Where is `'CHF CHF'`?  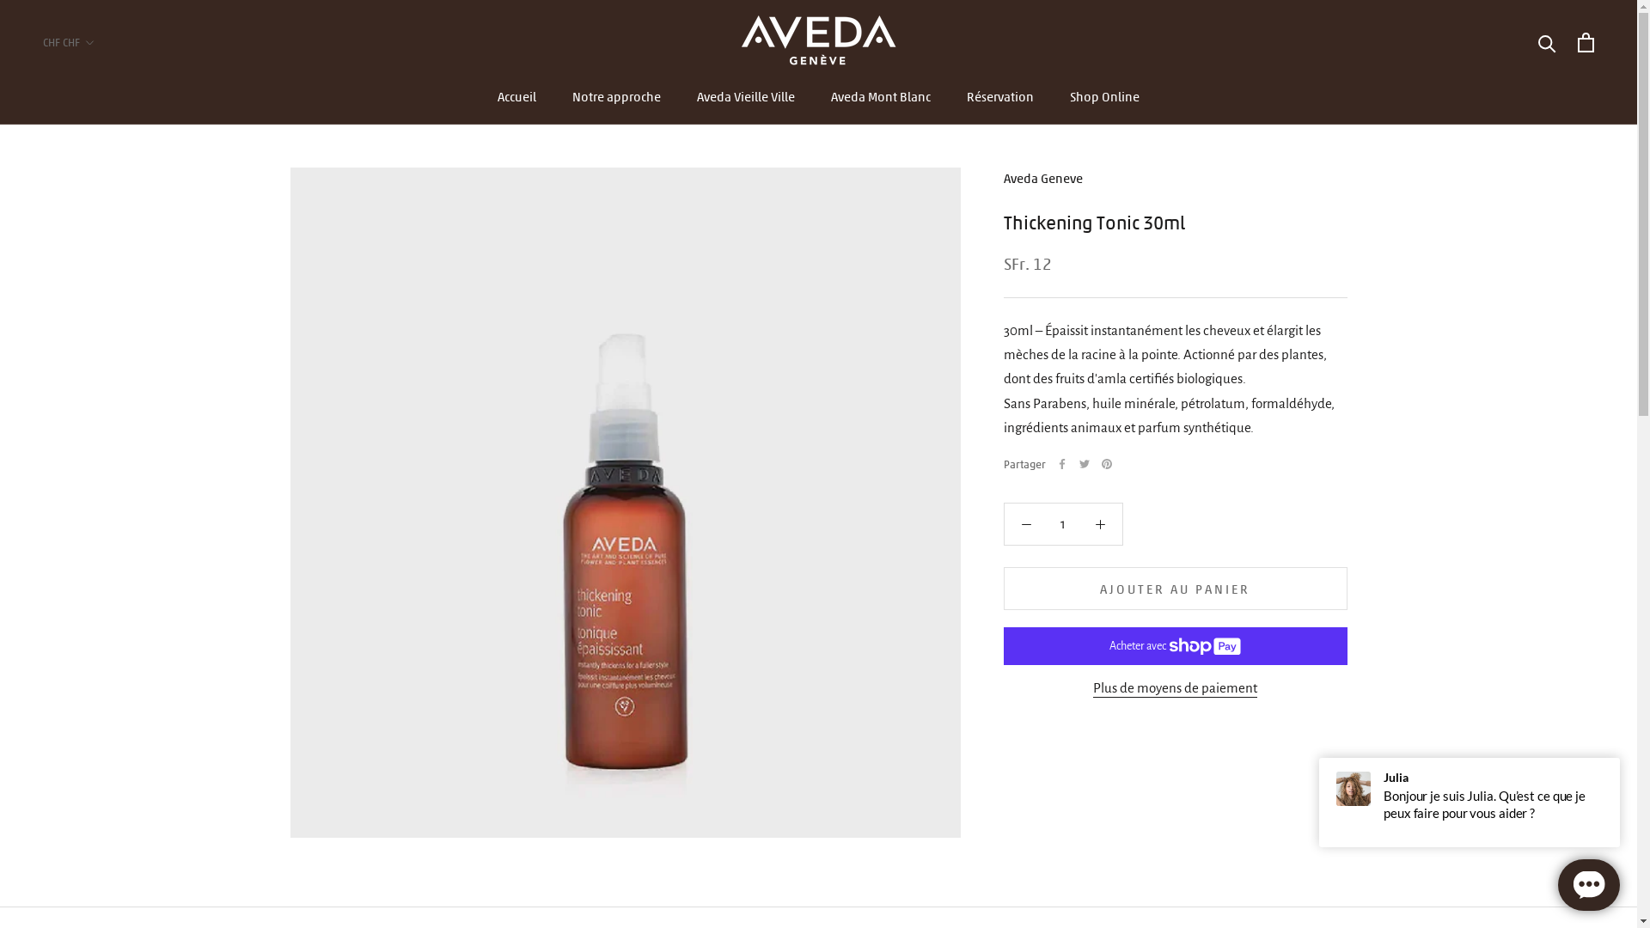
'CHF CHF' is located at coordinates (69, 41).